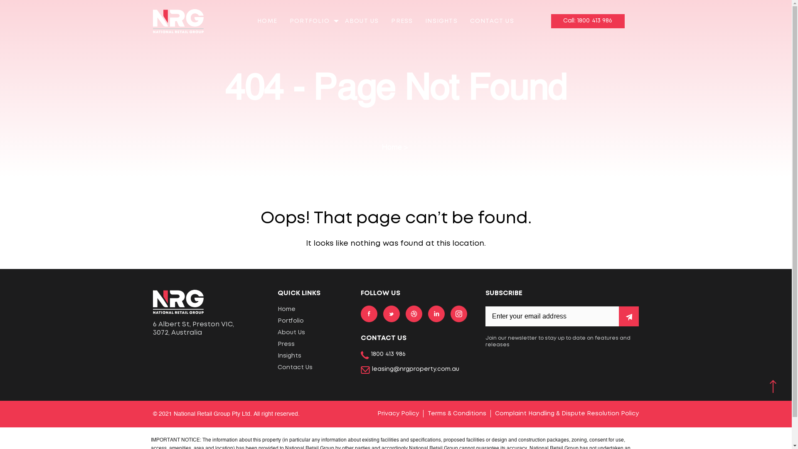  What do you see at coordinates (369, 313) in the screenshot?
I see `'Facebook'` at bounding box center [369, 313].